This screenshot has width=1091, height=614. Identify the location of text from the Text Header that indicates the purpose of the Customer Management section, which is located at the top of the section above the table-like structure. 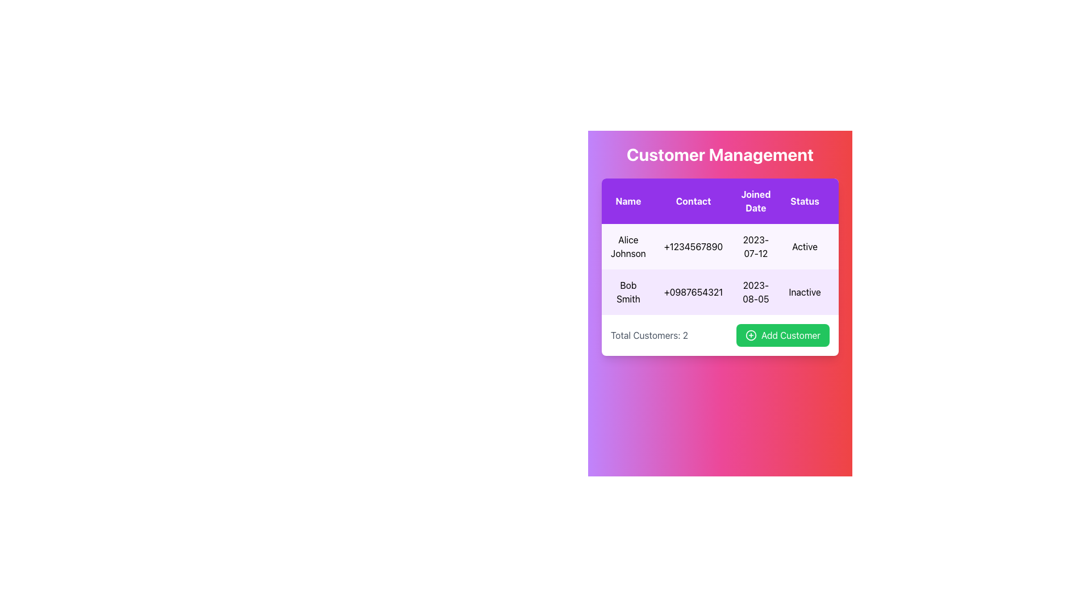
(719, 155).